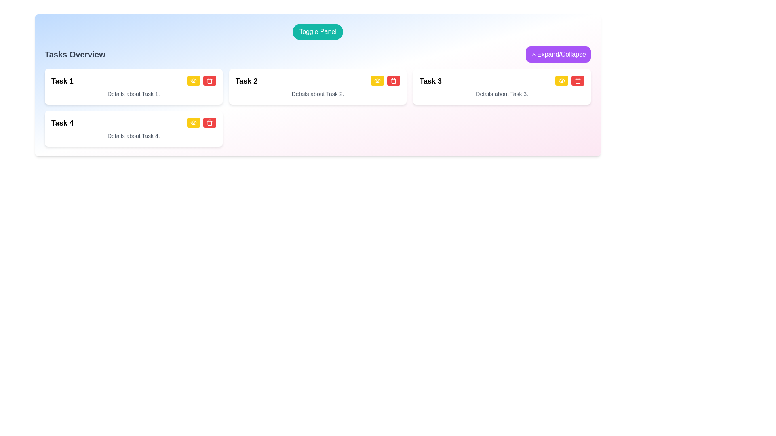  Describe the element at coordinates (502, 93) in the screenshot. I see `the static text element located below the title 'Task 3' within the task card, which provides additional details related to the task` at that location.